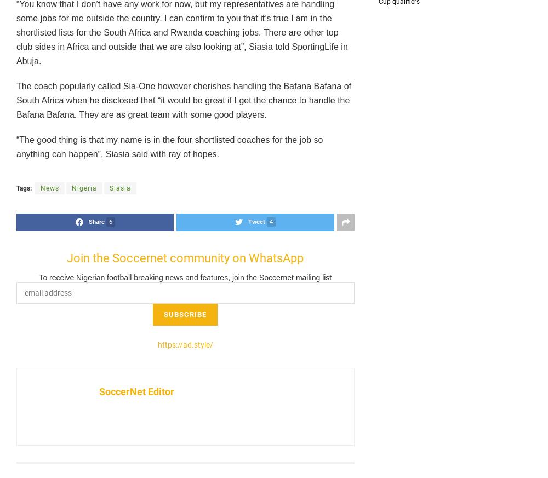  What do you see at coordinates (16, 147) in the screenshot?
I see `'“The good thing is that my name is in the four shortlisted coaches for the job so anything can happen”, Siasia said with ray of hopes.'` at bounding box center [16, 147].